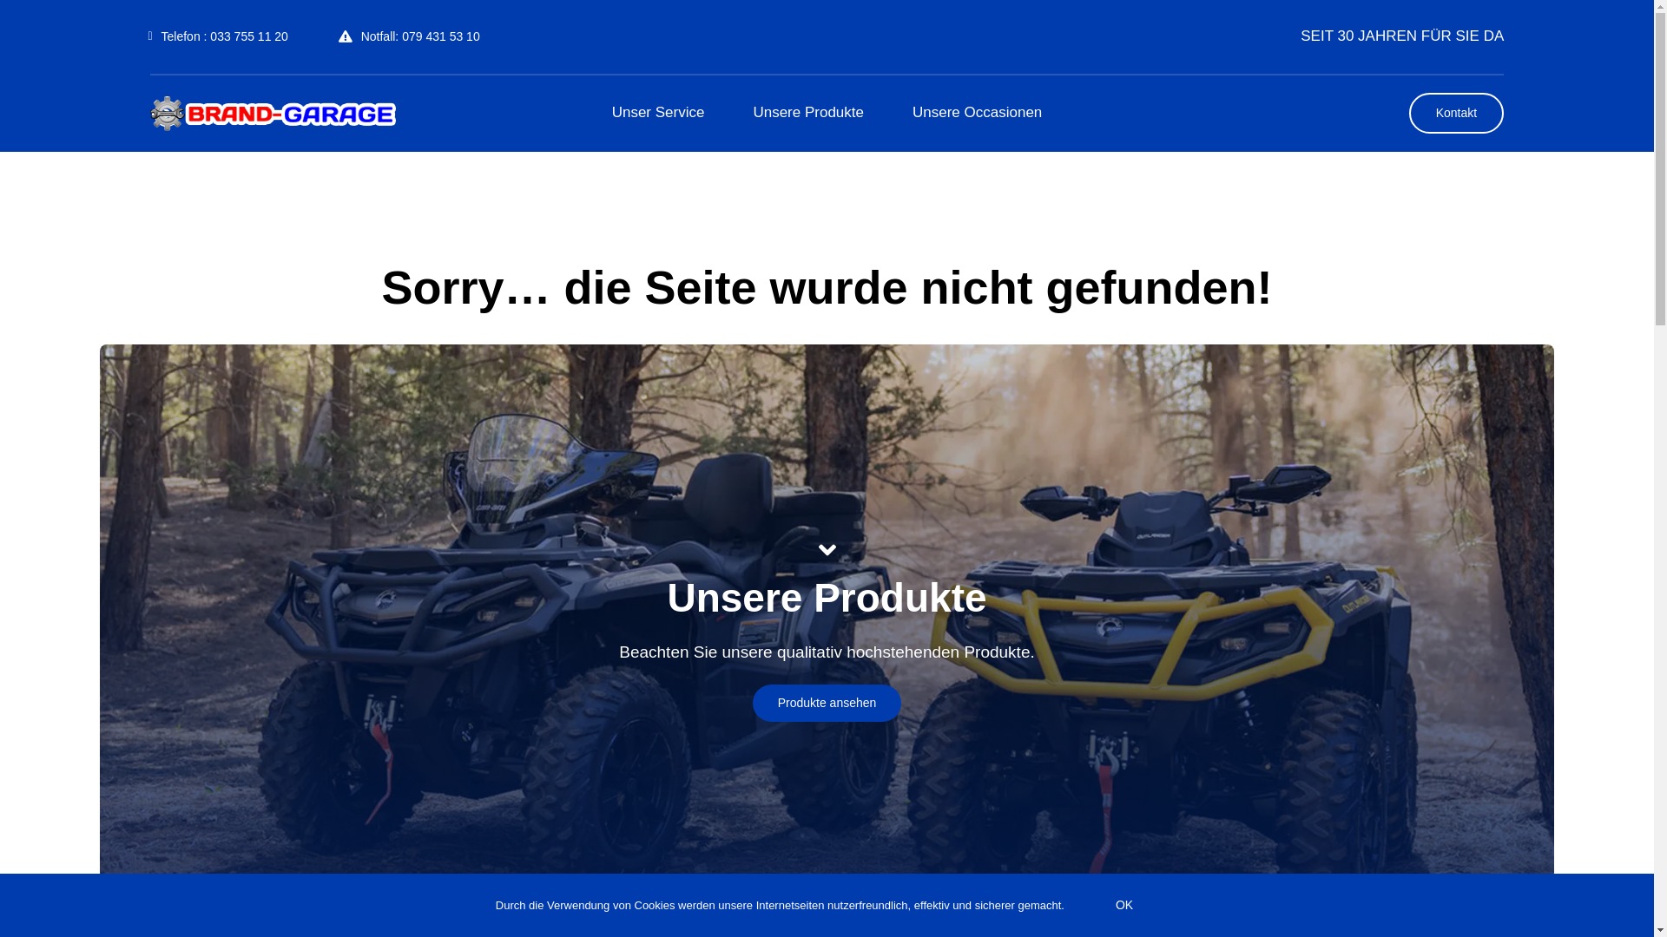 This screenshot has width=1667, height=937. I want to click on 'Kontakt', so click(1456, 113).